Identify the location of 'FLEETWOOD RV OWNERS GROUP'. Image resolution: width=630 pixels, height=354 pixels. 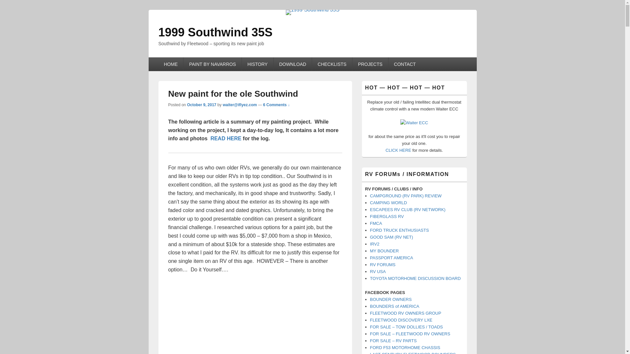
(405, 313).